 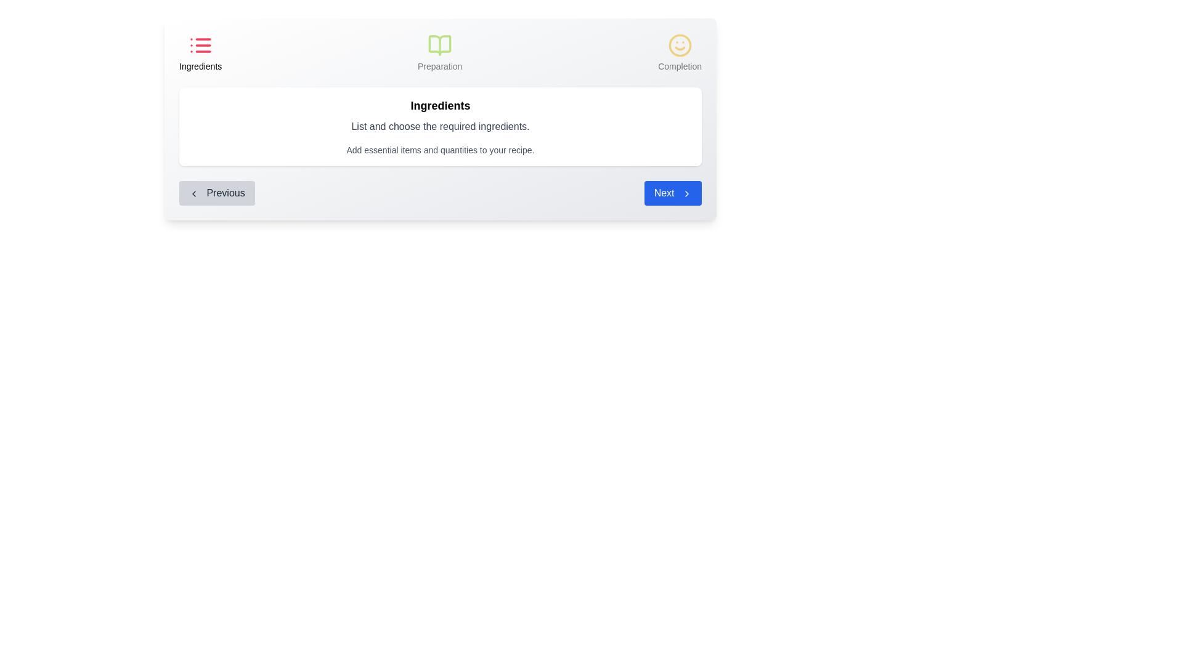 I want to click on the instructional text element that provides clarity for users regarding ingredient selection, located beneath the title 'Ingredients' and above the text 'Add essential items and quantities to your recipe.', so click(x=441, y=126).